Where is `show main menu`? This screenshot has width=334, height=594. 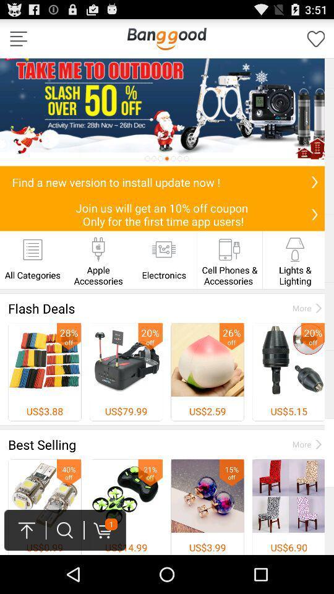 show main menu is located at coordinates (18, 38).